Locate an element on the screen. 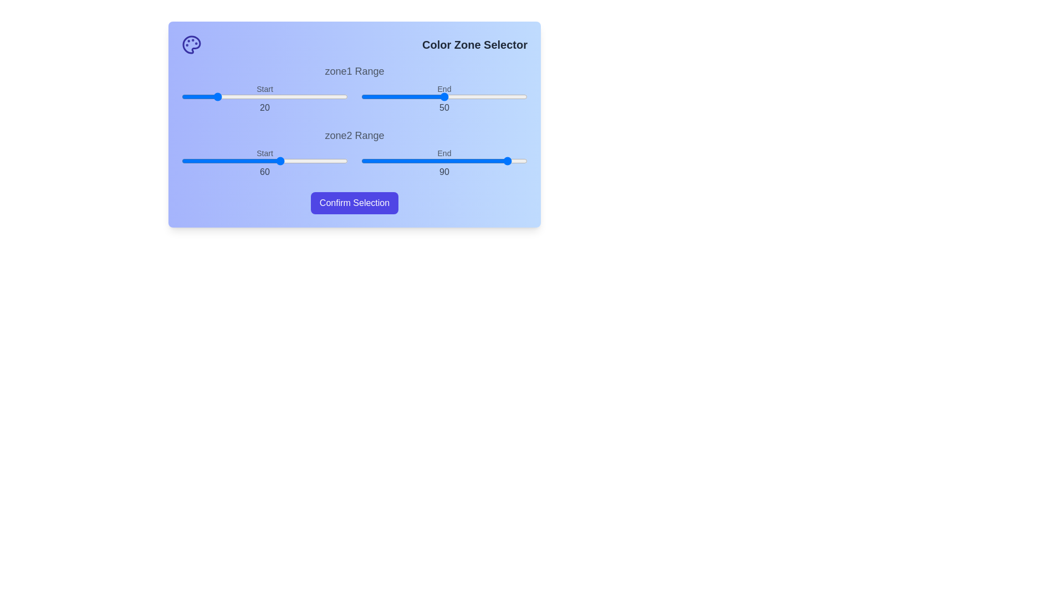 This screenshot has width=1064, height=598. the end range slider for zone1 to 51 is located at coordinates (446, 96).